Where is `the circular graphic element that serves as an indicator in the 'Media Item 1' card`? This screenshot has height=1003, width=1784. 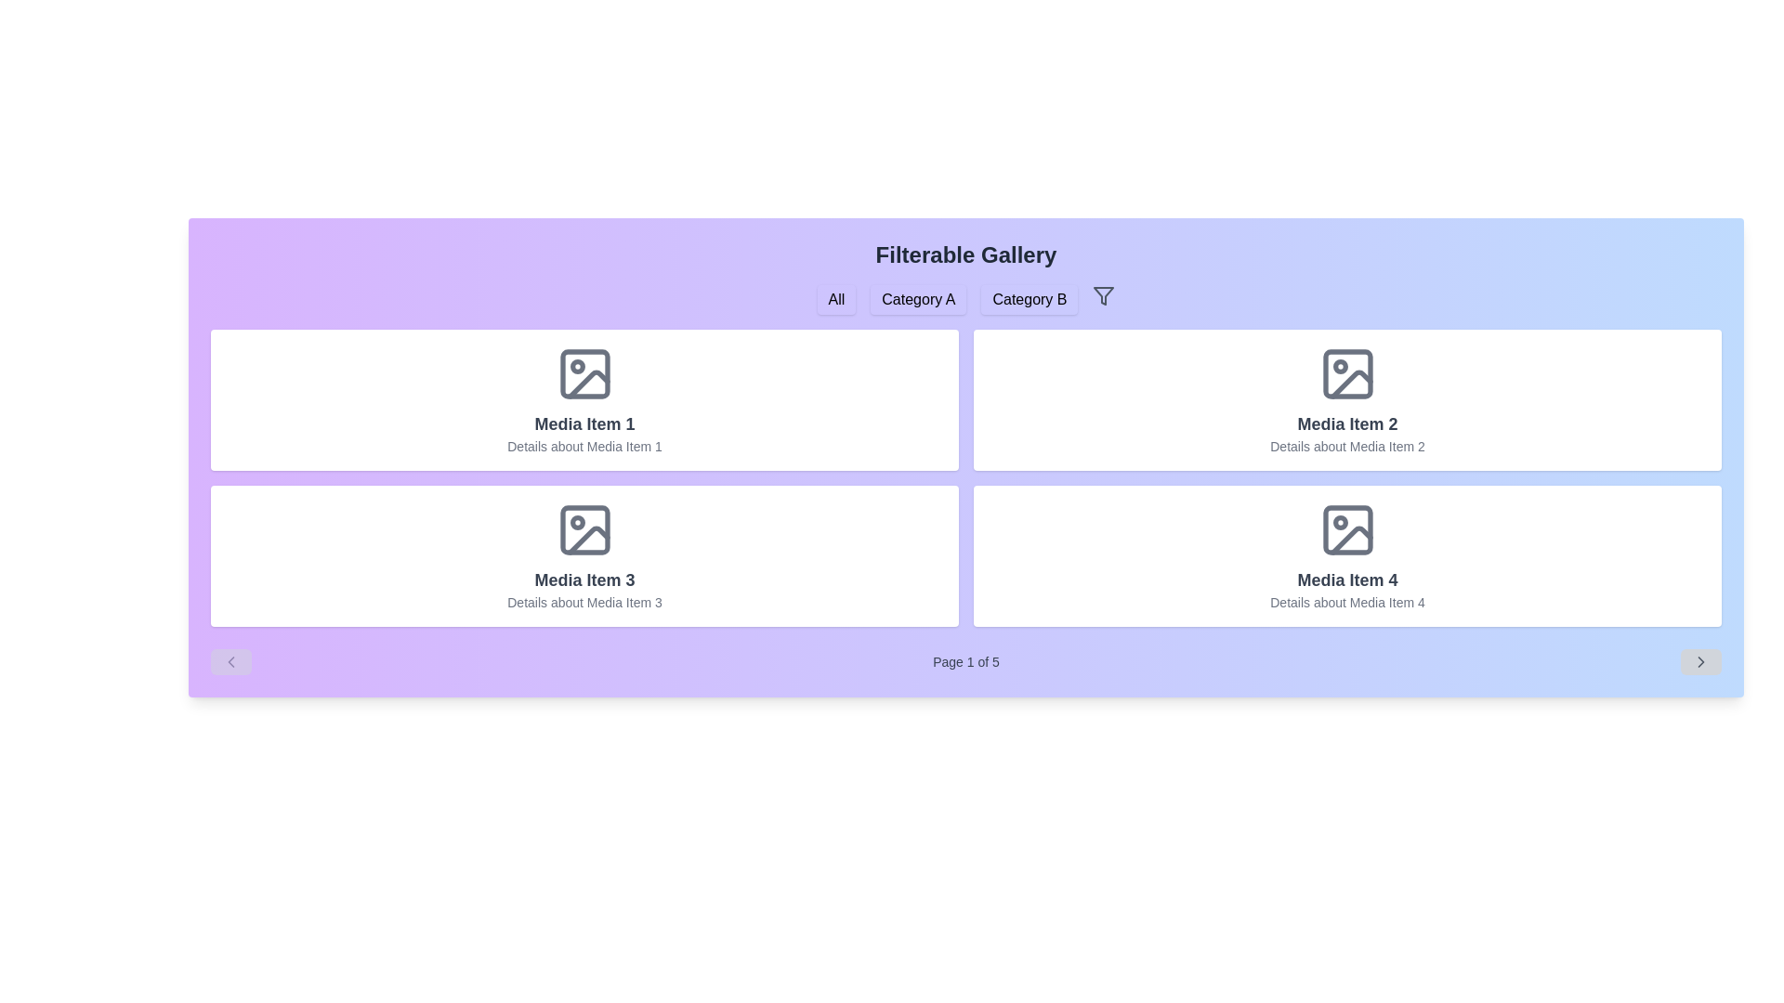
the circular graphic element that serves as an indicator in the 'Media Item 1' card is located at coordinates (576, 366).